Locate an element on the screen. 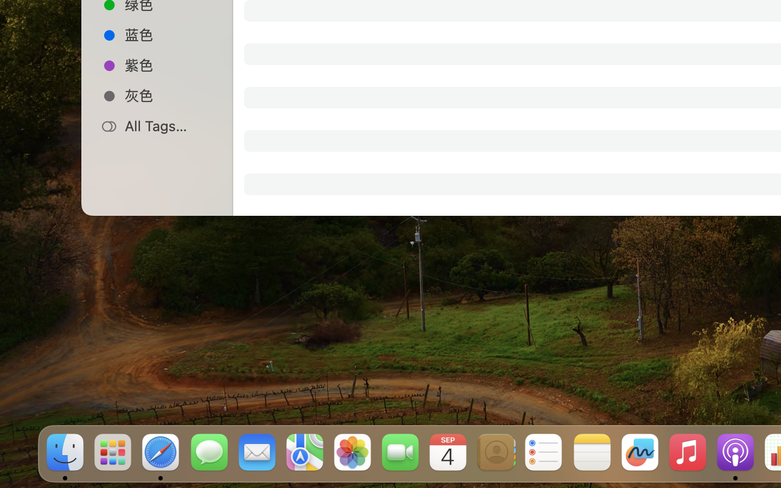  'All Tags…' is located at coordinates (169, 125).